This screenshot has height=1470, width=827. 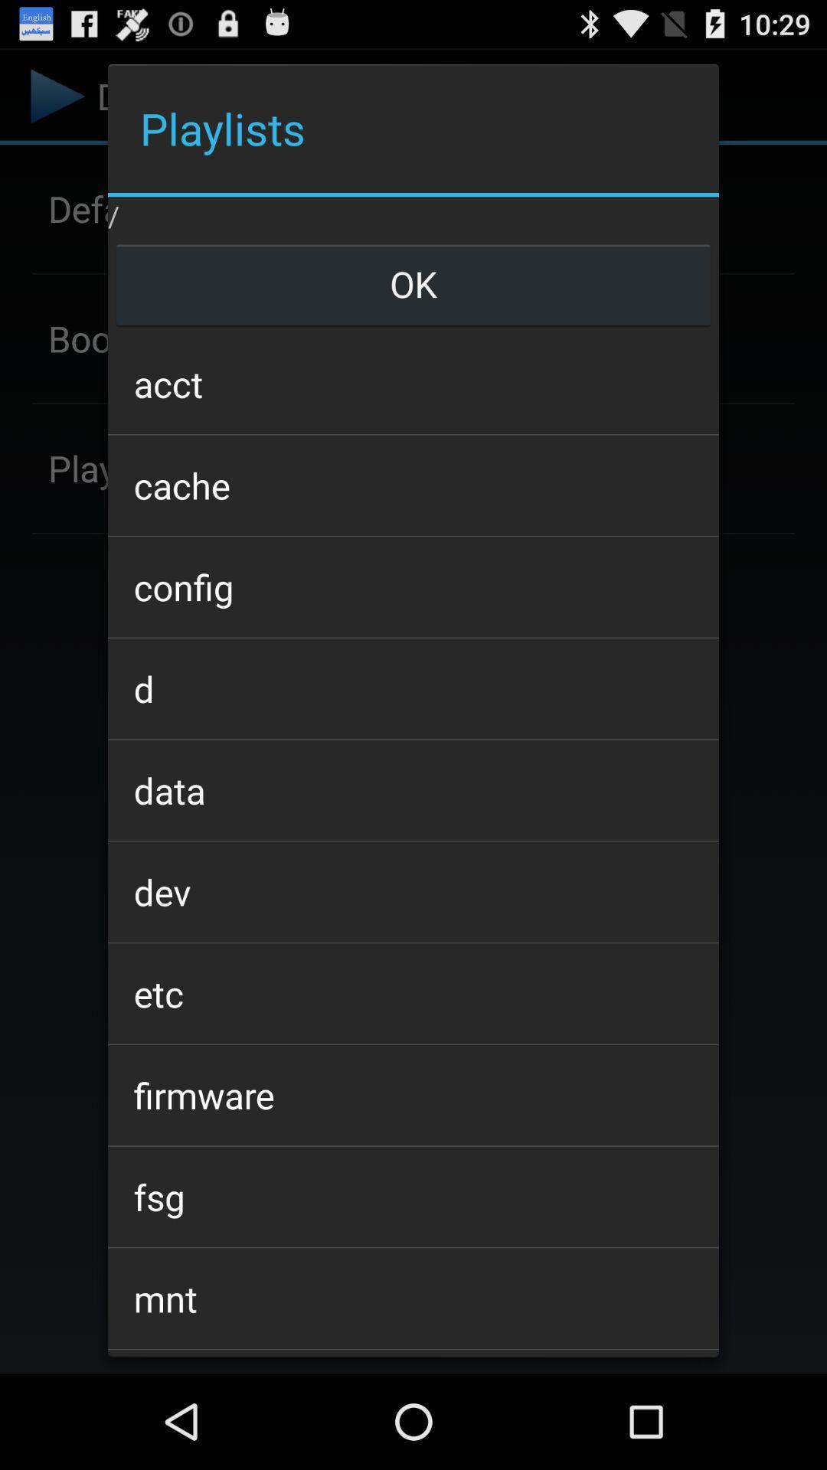 What do you see at coordinates (413, 993) in the screenshot?
I see `app above firmware item` at bounding box center [413, 993].